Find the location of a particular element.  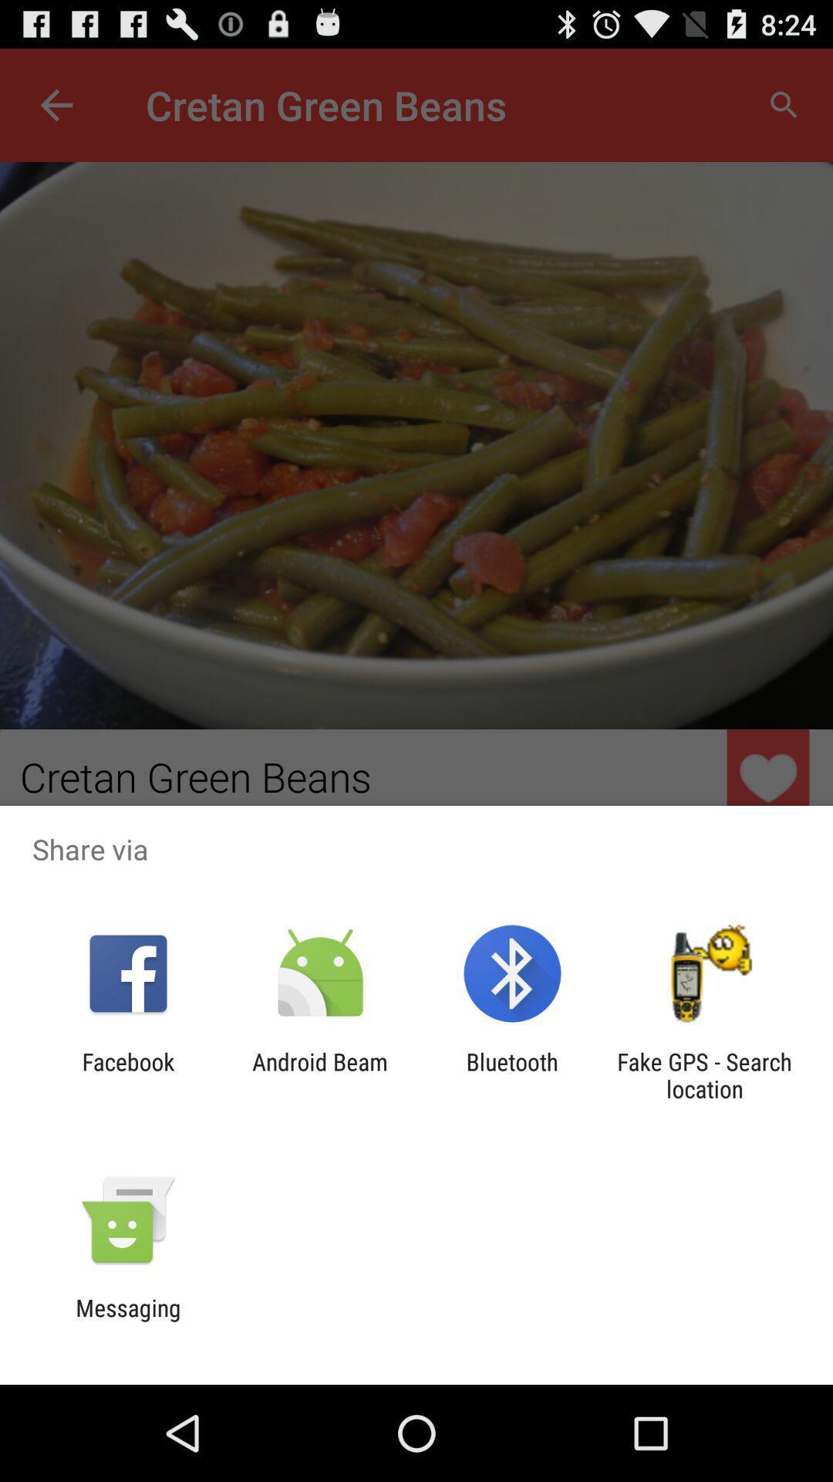

the android beam icon is located at coordinates (319, 1074).